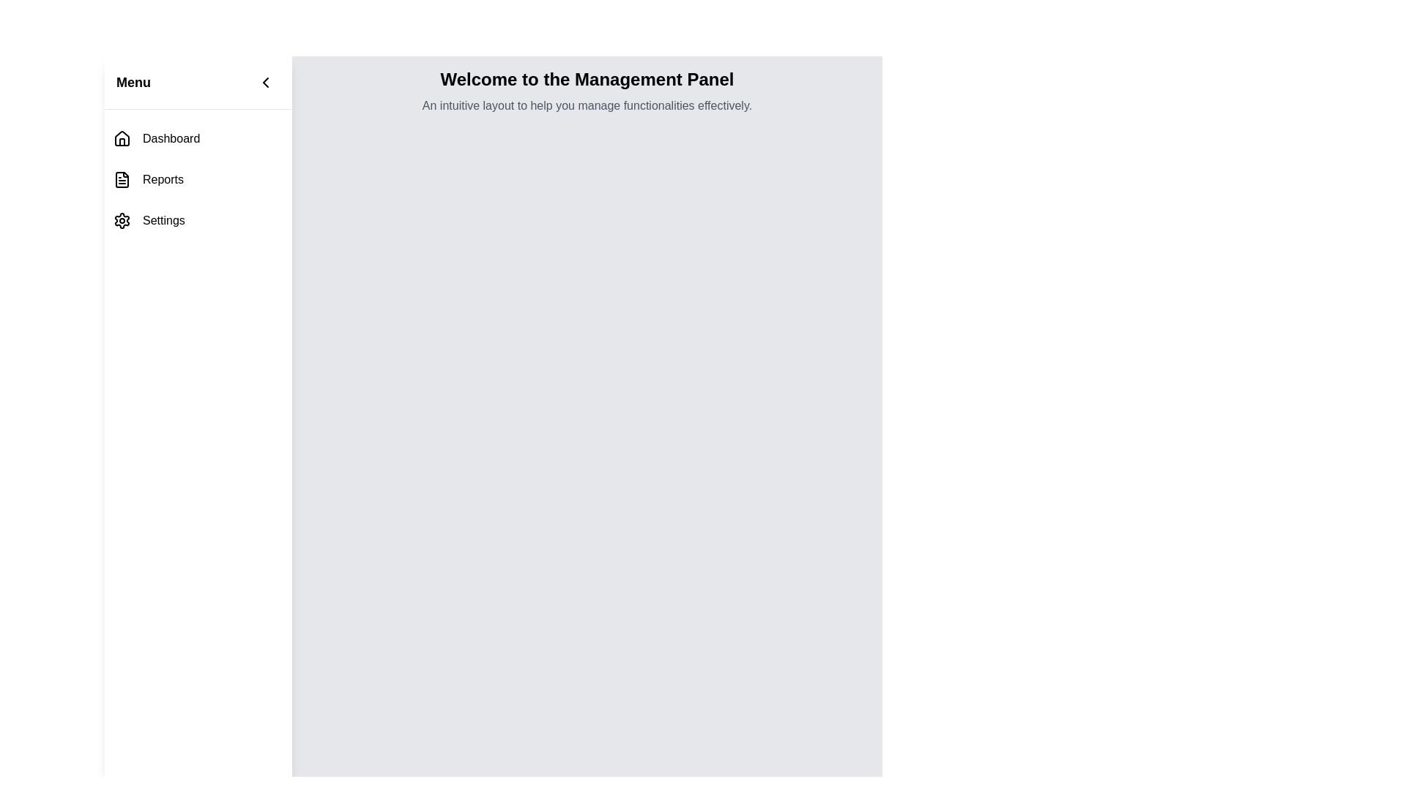 The width and height of the screenshot is (1406, 790). Describe the element at coordinates (266, 82) in the screenshot. I see `the left-arrow icon button located in the top left sidebar` at that location.